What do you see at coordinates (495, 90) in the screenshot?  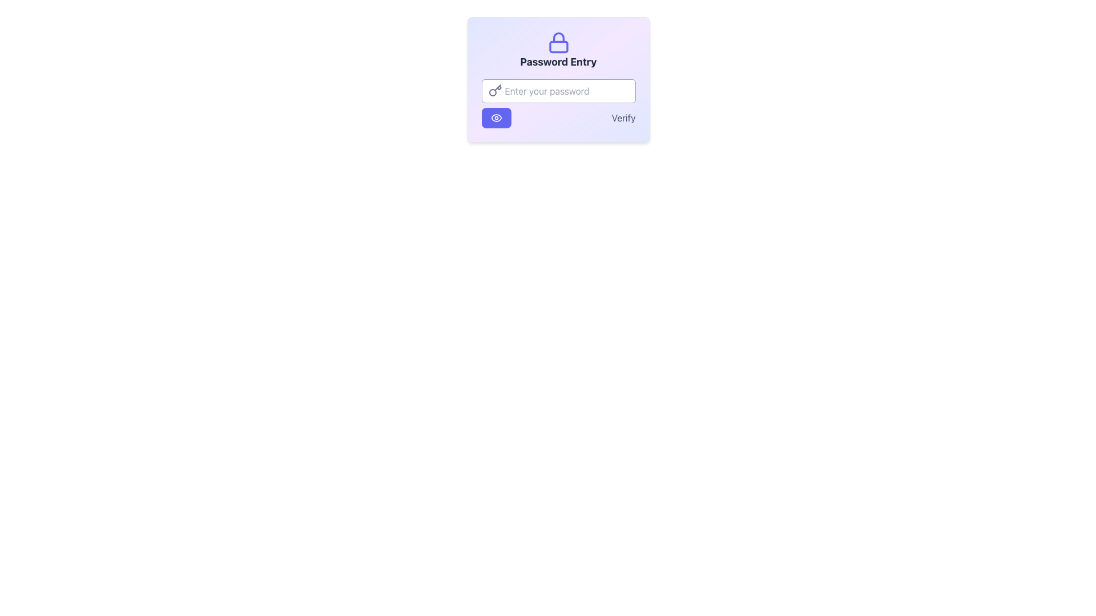 I see `the key icon graphic styled in gray, located at the beginning of the input field labeled 'Enter your password'` at bounding box center [495, 90].